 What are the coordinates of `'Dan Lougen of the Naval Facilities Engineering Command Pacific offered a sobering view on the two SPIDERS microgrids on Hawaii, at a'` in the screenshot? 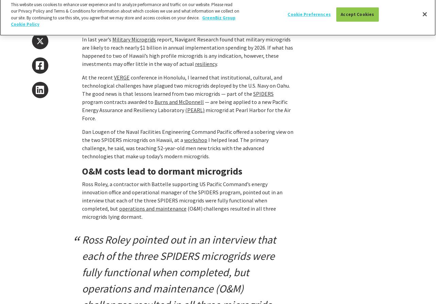 It's located at (187, 136).